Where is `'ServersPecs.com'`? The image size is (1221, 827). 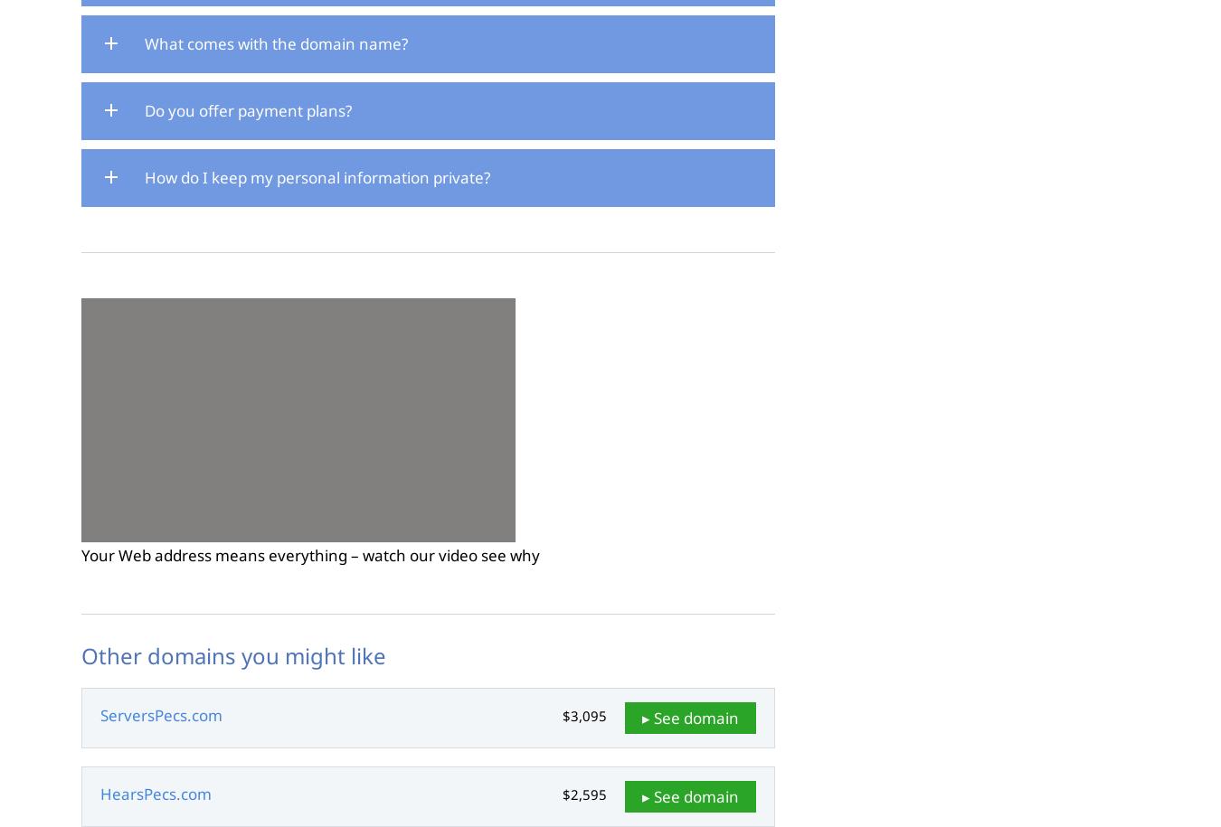
'ServersPecs.com' is located at coordinates (161, 714).